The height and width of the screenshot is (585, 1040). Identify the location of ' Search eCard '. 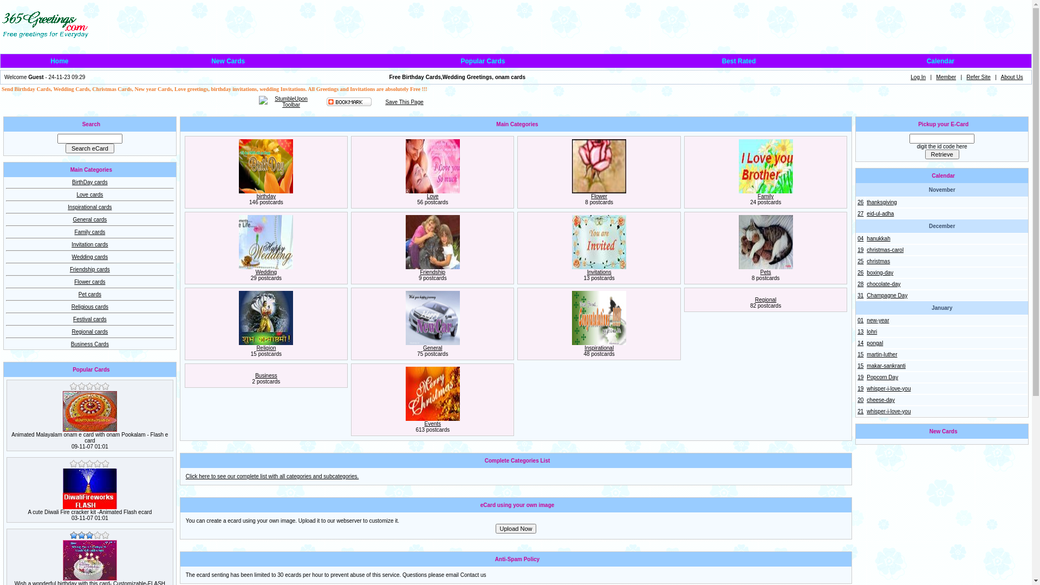
(90, 148).